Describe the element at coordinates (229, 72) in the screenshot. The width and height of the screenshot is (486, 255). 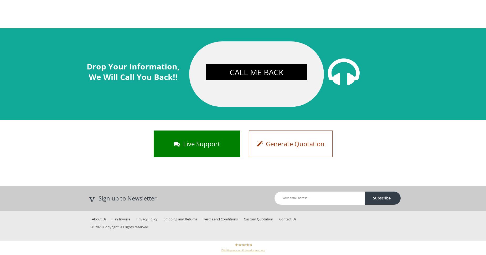
I see `'Call Me Back'` at that location.